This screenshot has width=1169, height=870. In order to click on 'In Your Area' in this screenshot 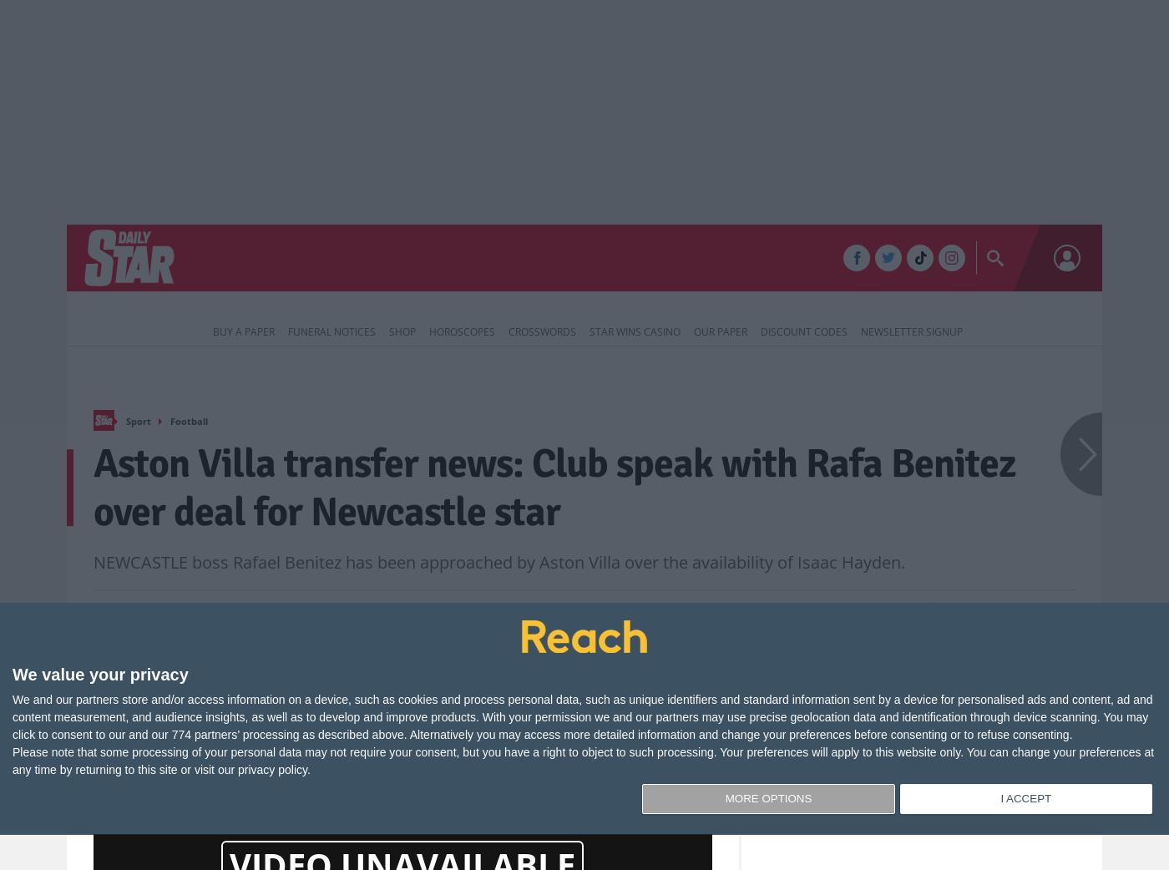, I will do `click(660, 260)`.